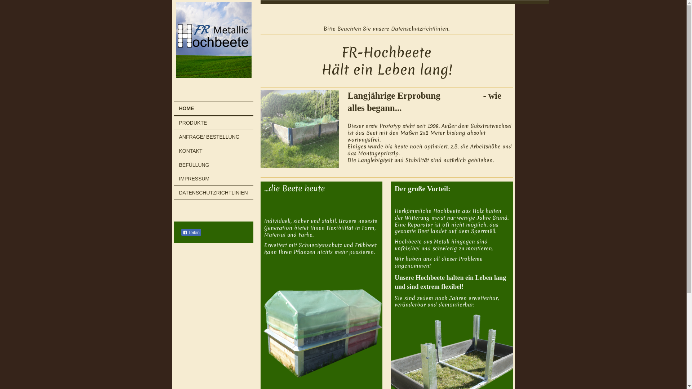  Describe the element at coordinates (213, 122) in the screenshot. I see `'PRODUKTE'` at that location.